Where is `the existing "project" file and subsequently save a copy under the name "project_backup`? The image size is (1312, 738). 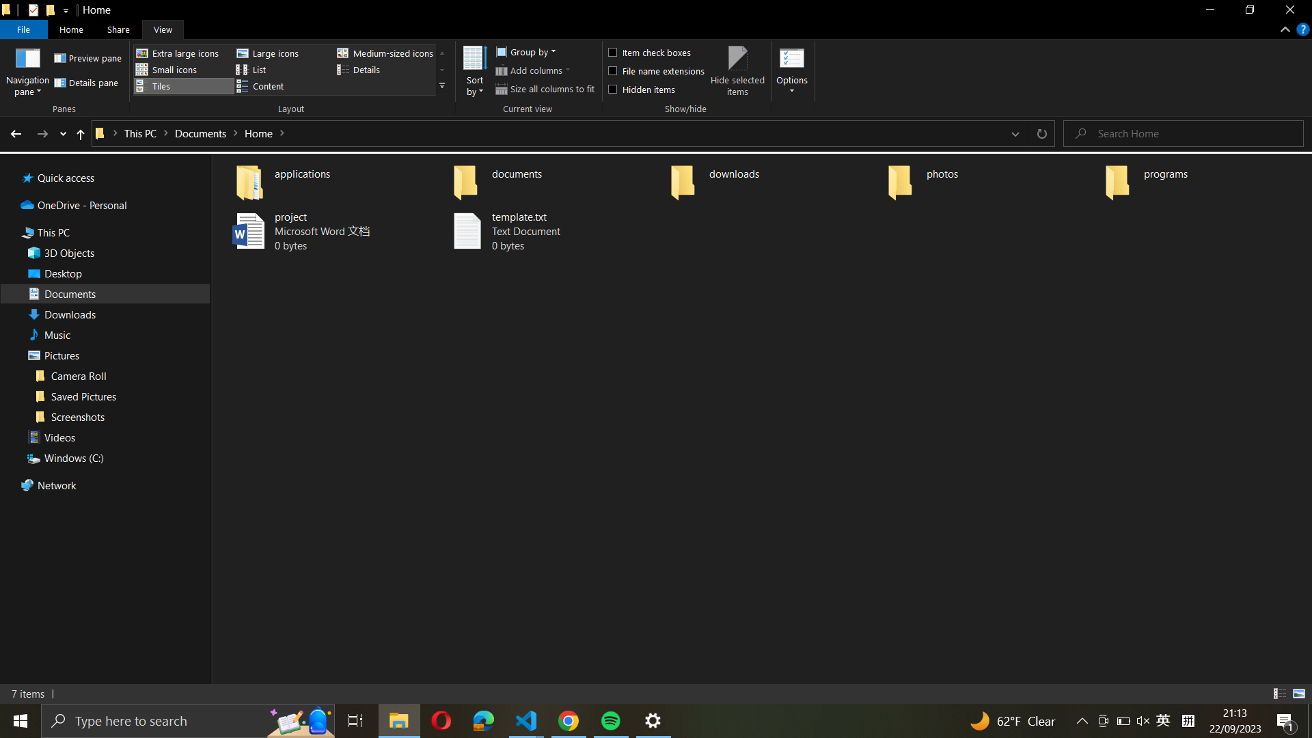 the existing "project" file and subsequently save a copy under the name "project_backup is located at coordinates (325, 231).